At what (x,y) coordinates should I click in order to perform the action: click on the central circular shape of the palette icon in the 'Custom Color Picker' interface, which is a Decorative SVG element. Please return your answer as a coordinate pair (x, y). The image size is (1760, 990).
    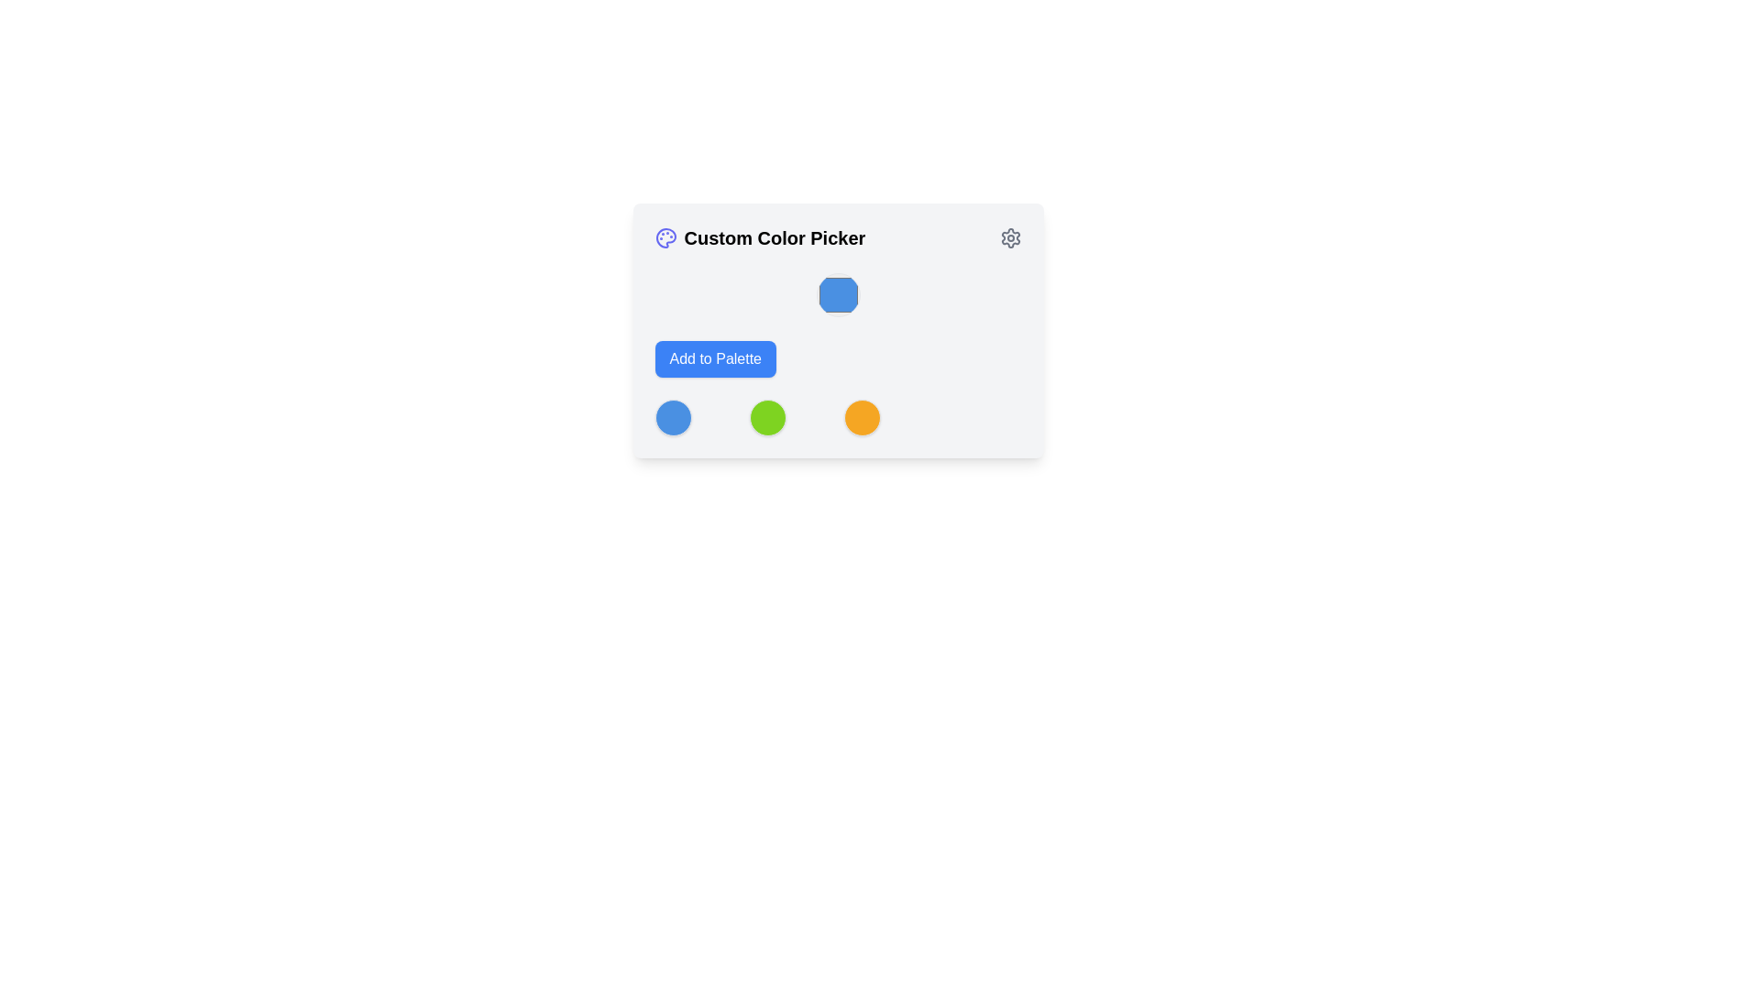
    Looking at the image, I should click on (665, 236).